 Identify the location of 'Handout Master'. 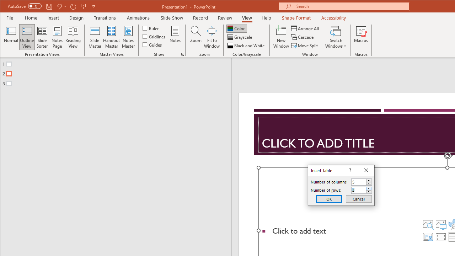
(111, 37).